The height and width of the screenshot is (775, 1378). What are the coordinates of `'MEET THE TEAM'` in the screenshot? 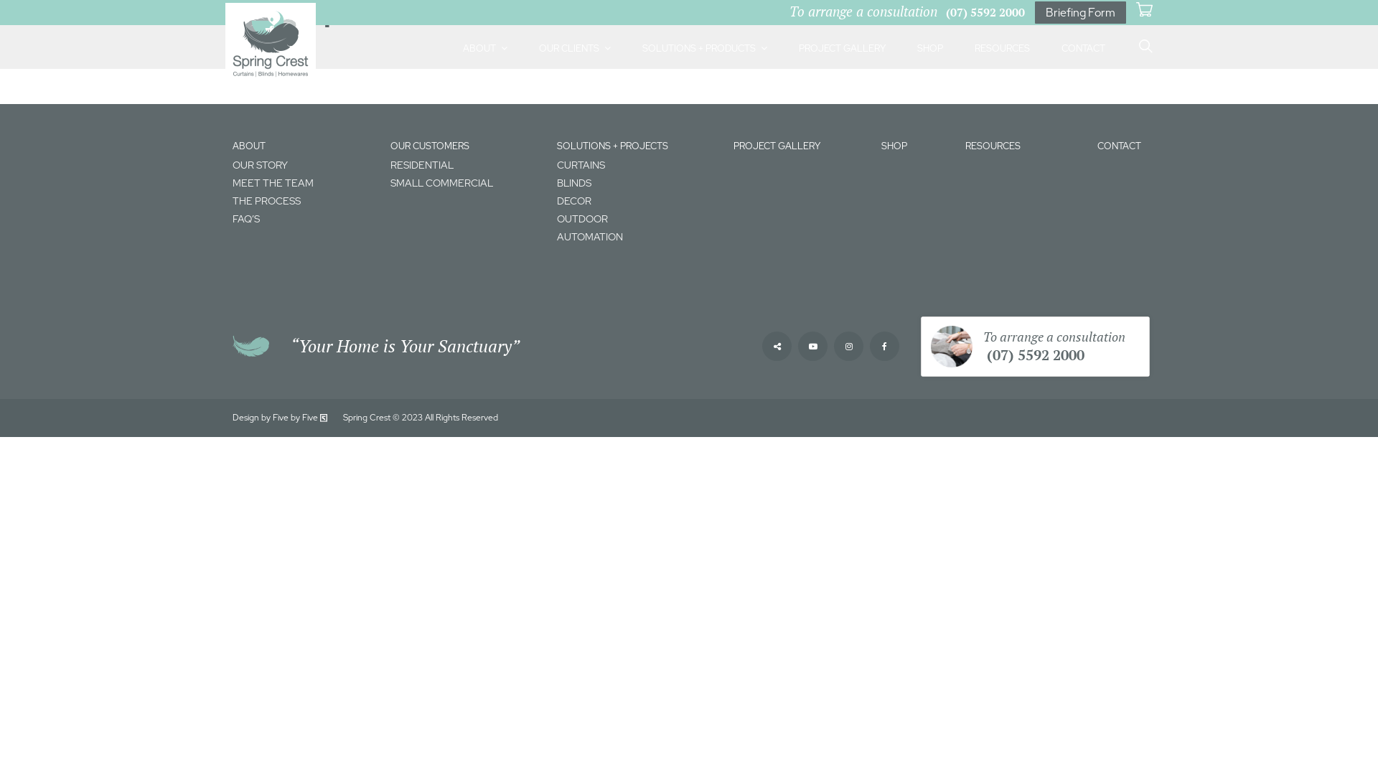 It's located at (303, 182).